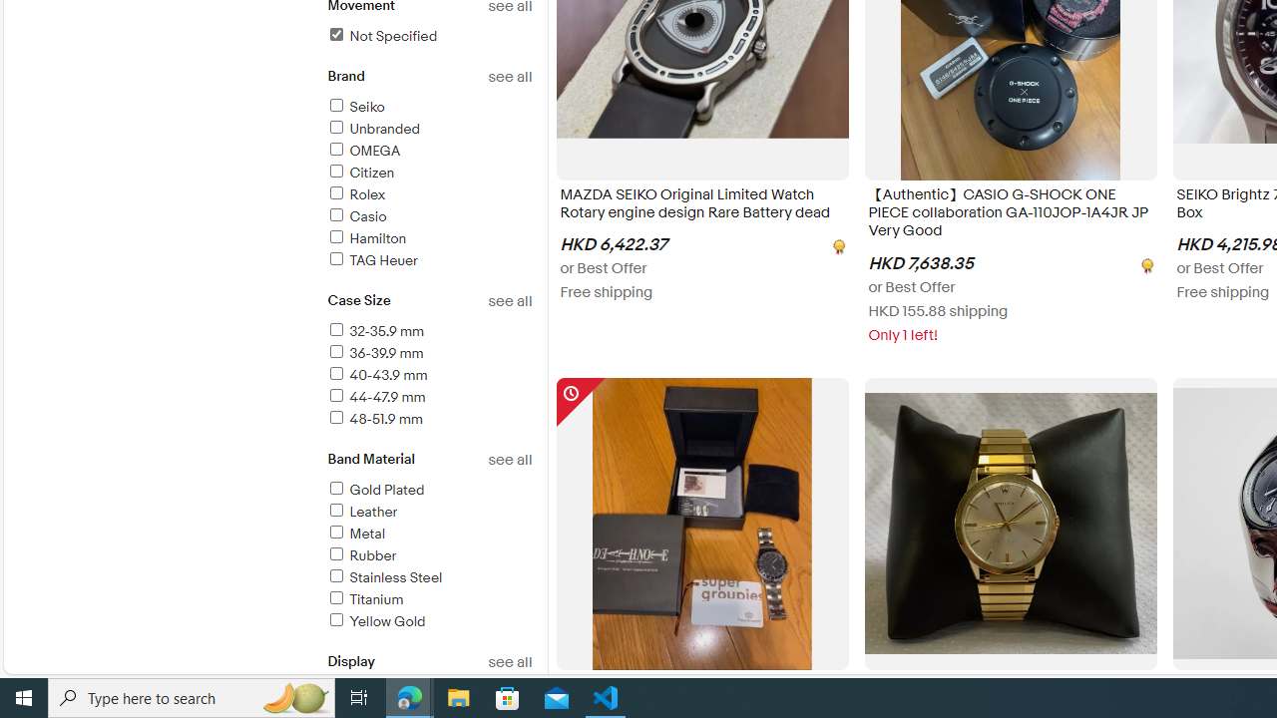  Describe the element at coordinates (364, 598) in the screenshot. I see `'Titanium'` at that location.